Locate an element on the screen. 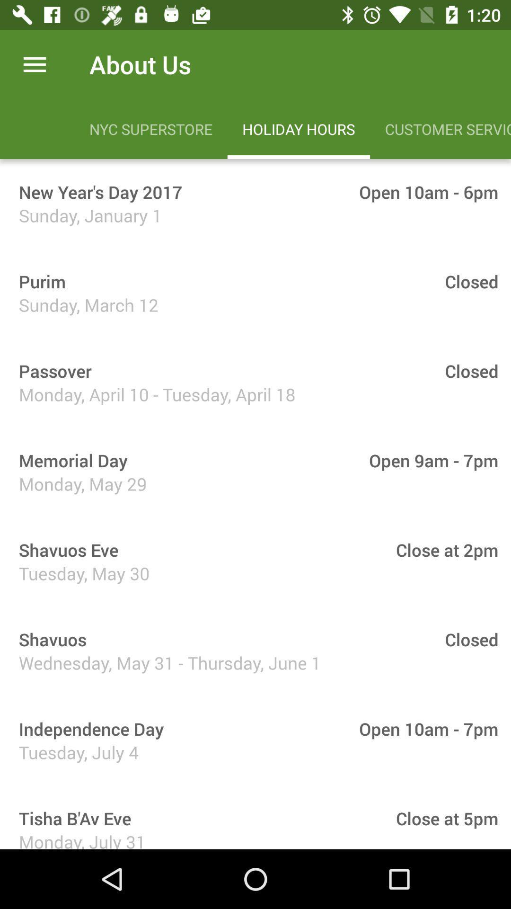 This screenshot has width=511, height=909. the item to the left of the closed is located at coordinates (38, 281).